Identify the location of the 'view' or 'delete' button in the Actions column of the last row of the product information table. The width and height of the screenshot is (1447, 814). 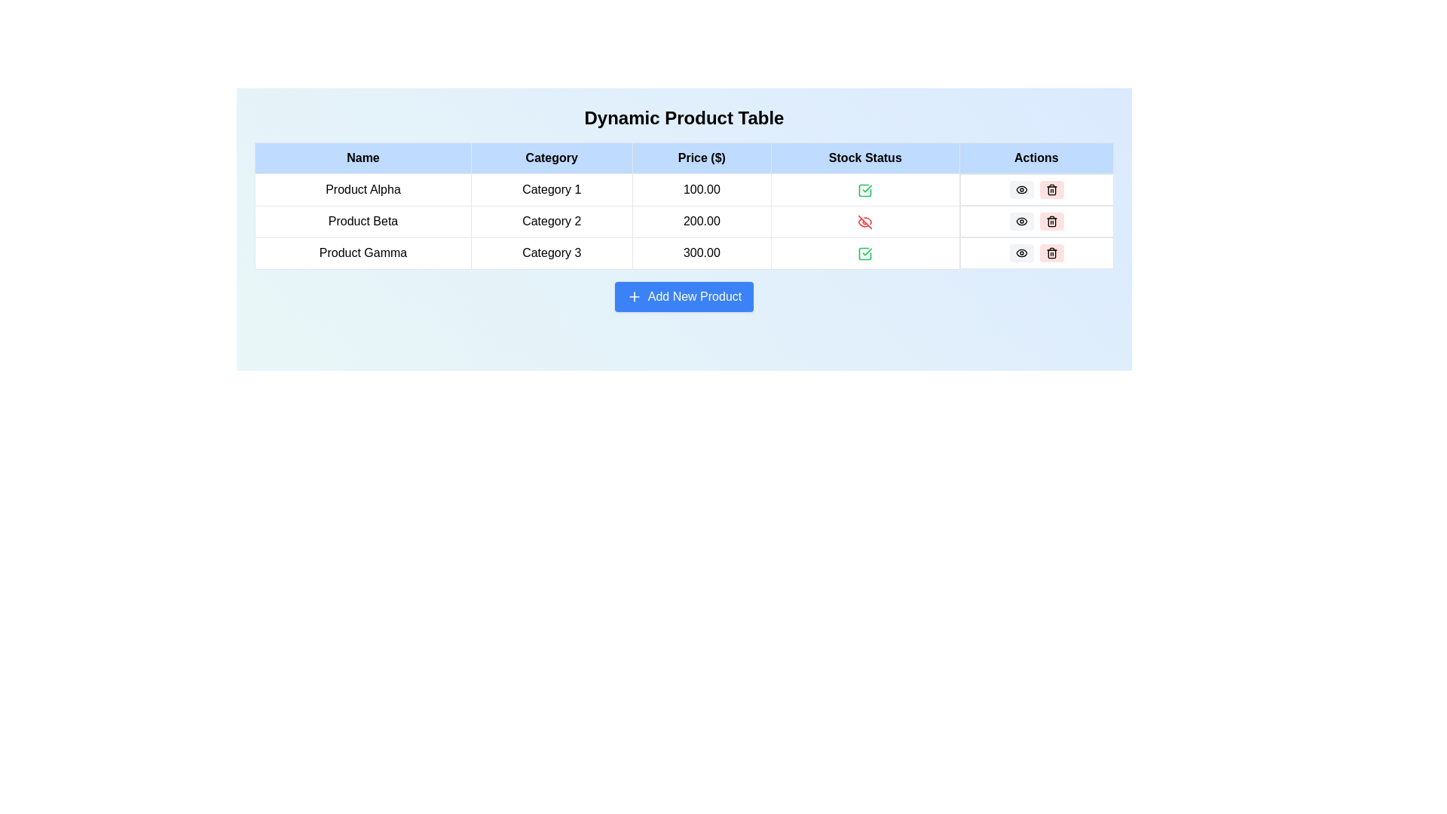
(1036, 252).